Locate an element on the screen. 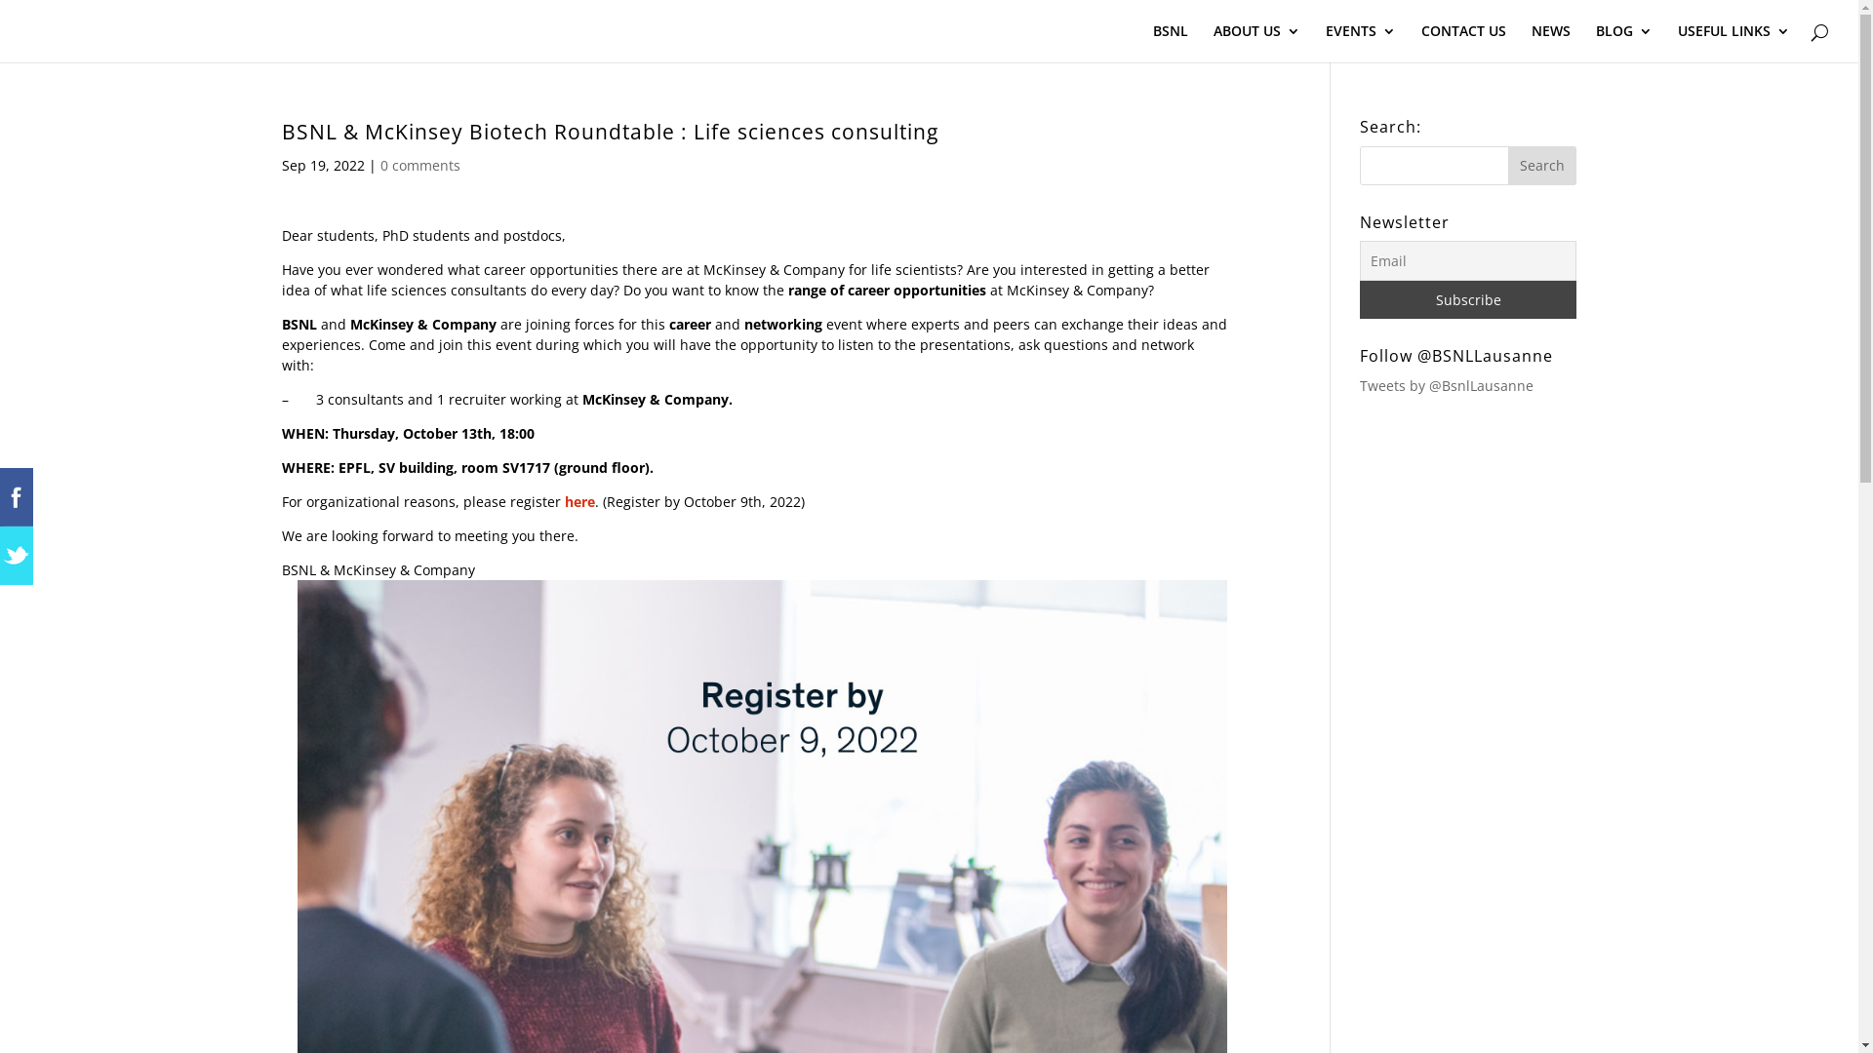 The width and height of the screenshot is (1873, 1053). 'Search' is located at coordinates (1540, 164).